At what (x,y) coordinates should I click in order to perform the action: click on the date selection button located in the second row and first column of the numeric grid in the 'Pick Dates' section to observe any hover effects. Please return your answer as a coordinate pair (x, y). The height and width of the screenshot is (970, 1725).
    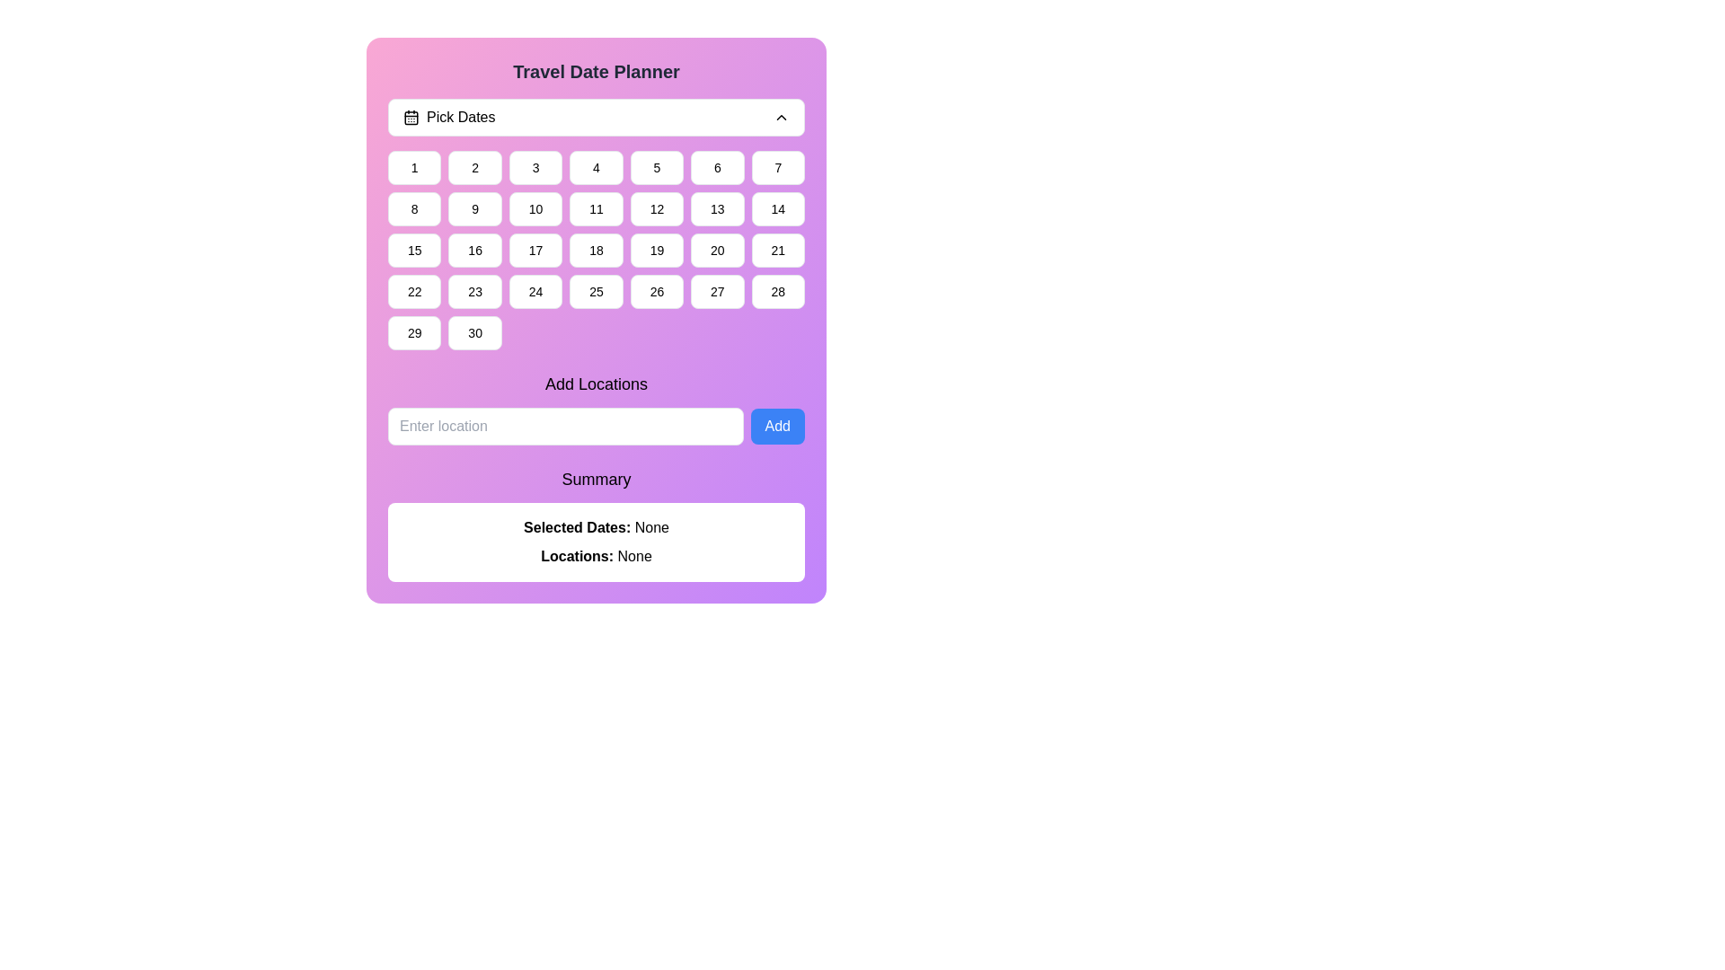
    Looking at the image, I should click on (413, 207).